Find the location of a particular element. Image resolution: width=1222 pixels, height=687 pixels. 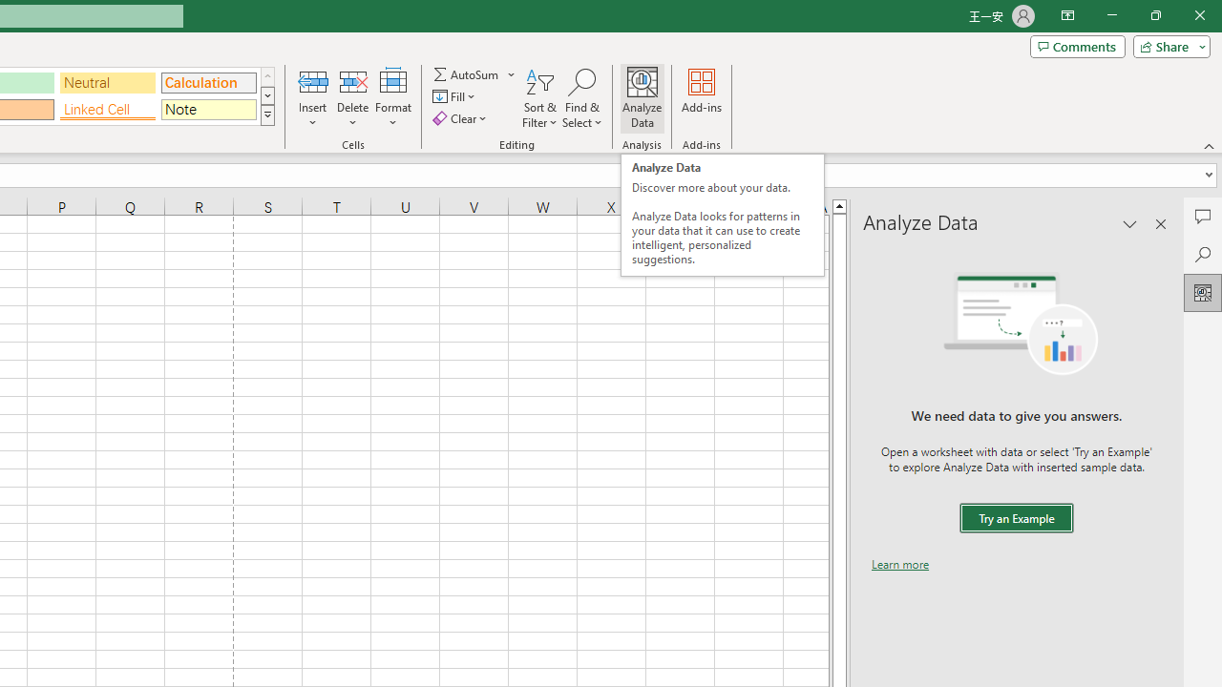

'Insert' is located at coordinates (313, 98).